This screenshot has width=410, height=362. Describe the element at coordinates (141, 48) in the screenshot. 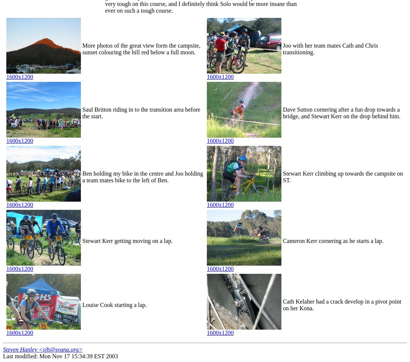

I see `'More photos of the great view form the campsite, sunset colouring the
       hill red below a full moon.'` at that location.